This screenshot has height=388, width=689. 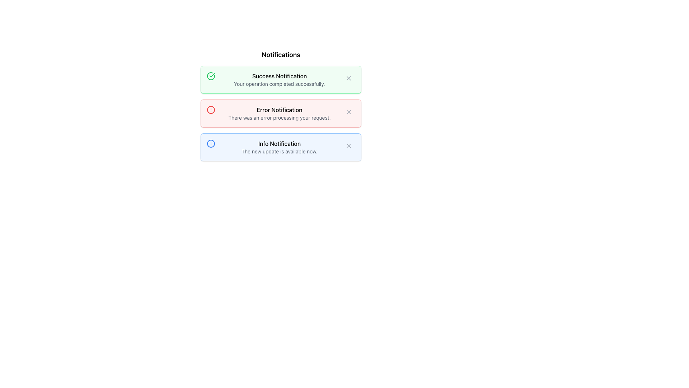 I want to click on the red circular SVG element that represents the 'Error Notification' in the notification icon, so click(x=211, y=110).